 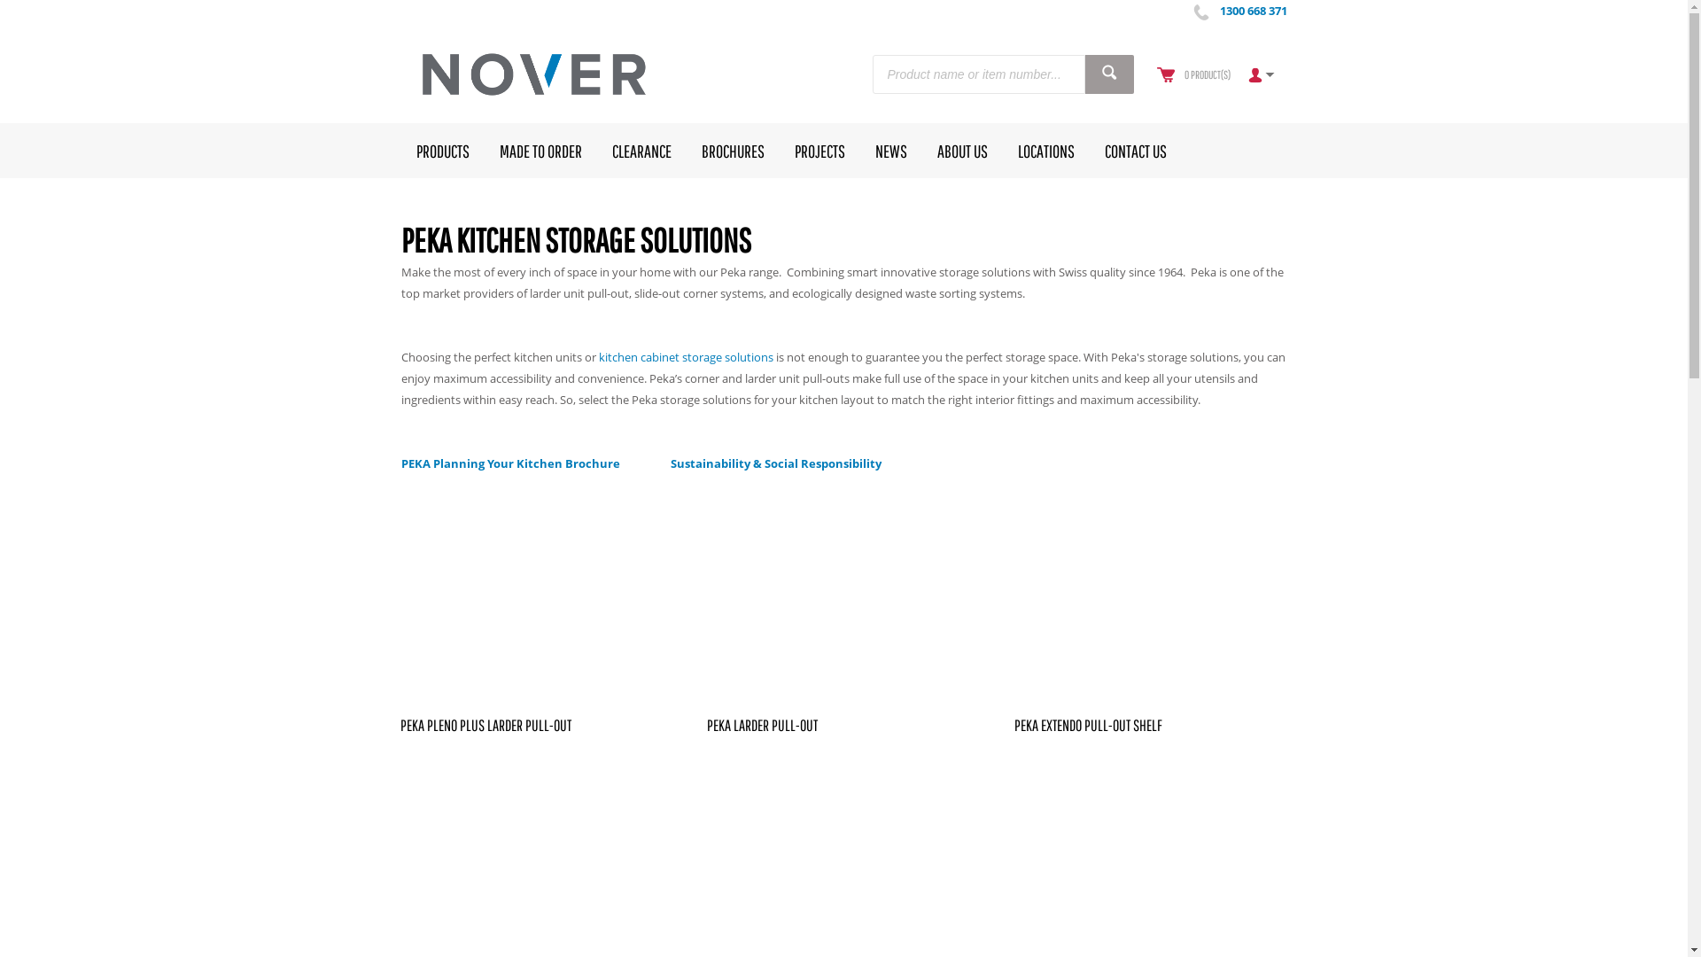 I want to click on 'ABOUT US', so click(x=960, y=149).